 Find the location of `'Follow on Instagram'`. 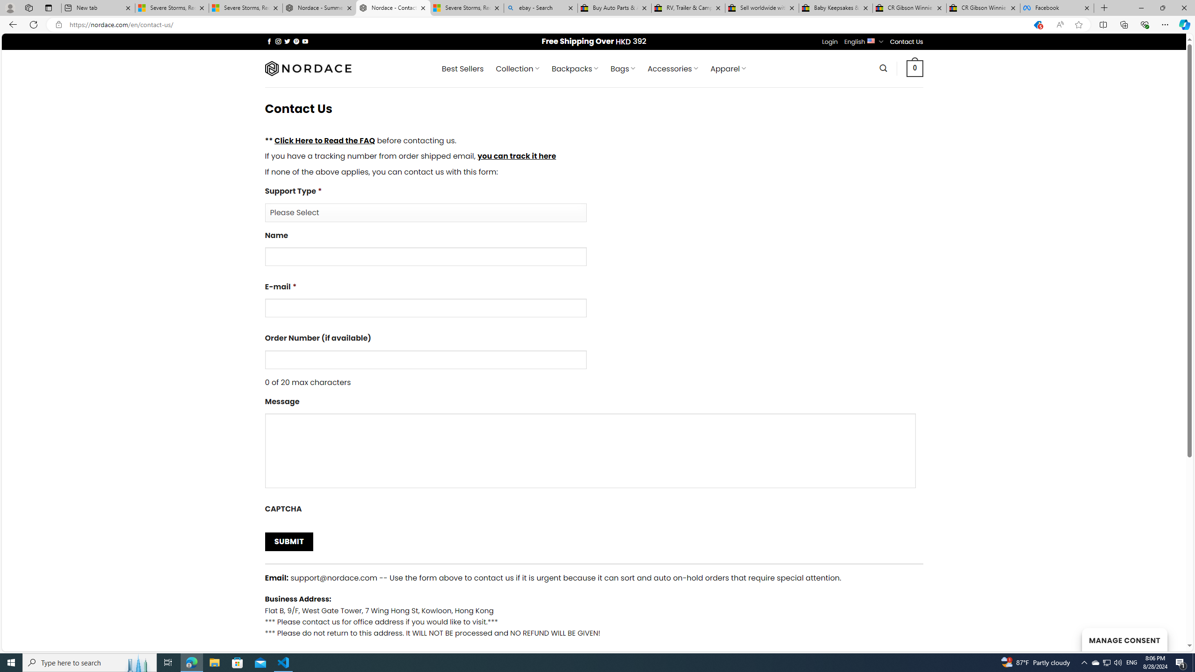

'Follow on Instagram' is located at coordinates (278, 41).